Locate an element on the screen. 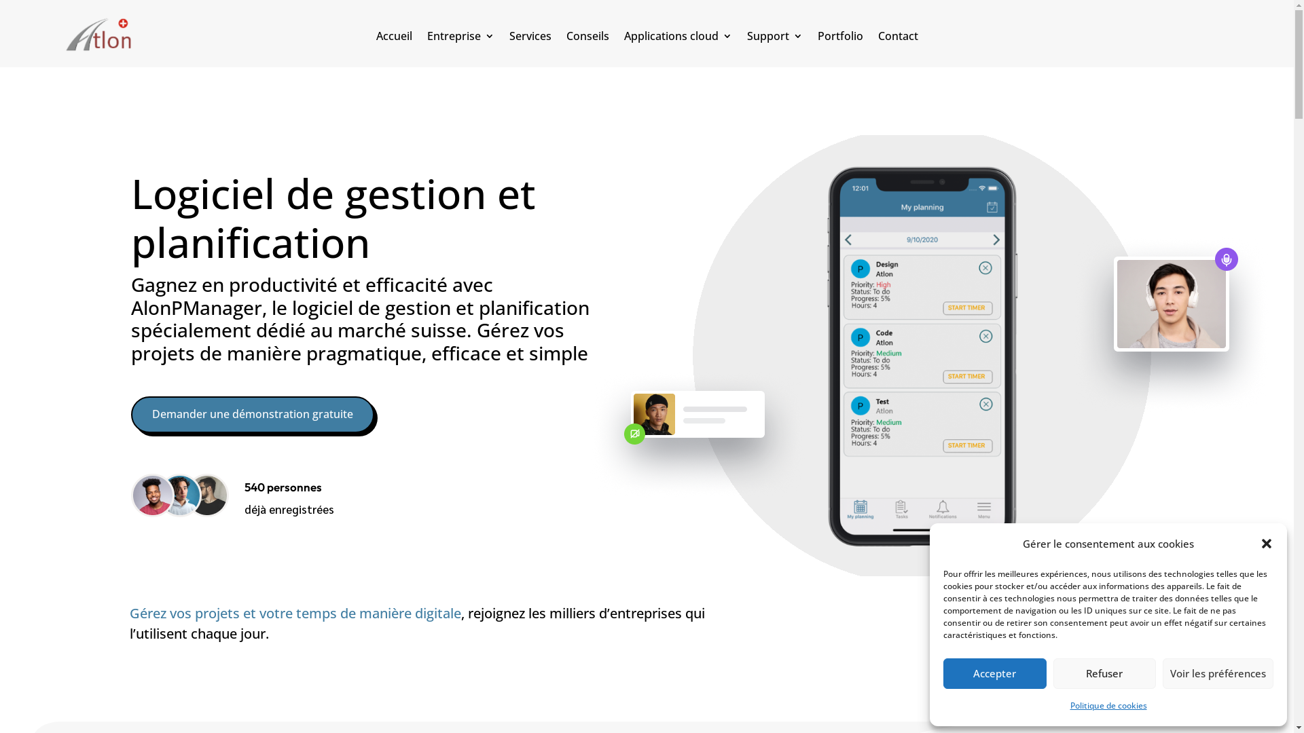 This screenshot has height=733, width=1304. 'Politique de cookies' is located at coordinates (1069, 705).